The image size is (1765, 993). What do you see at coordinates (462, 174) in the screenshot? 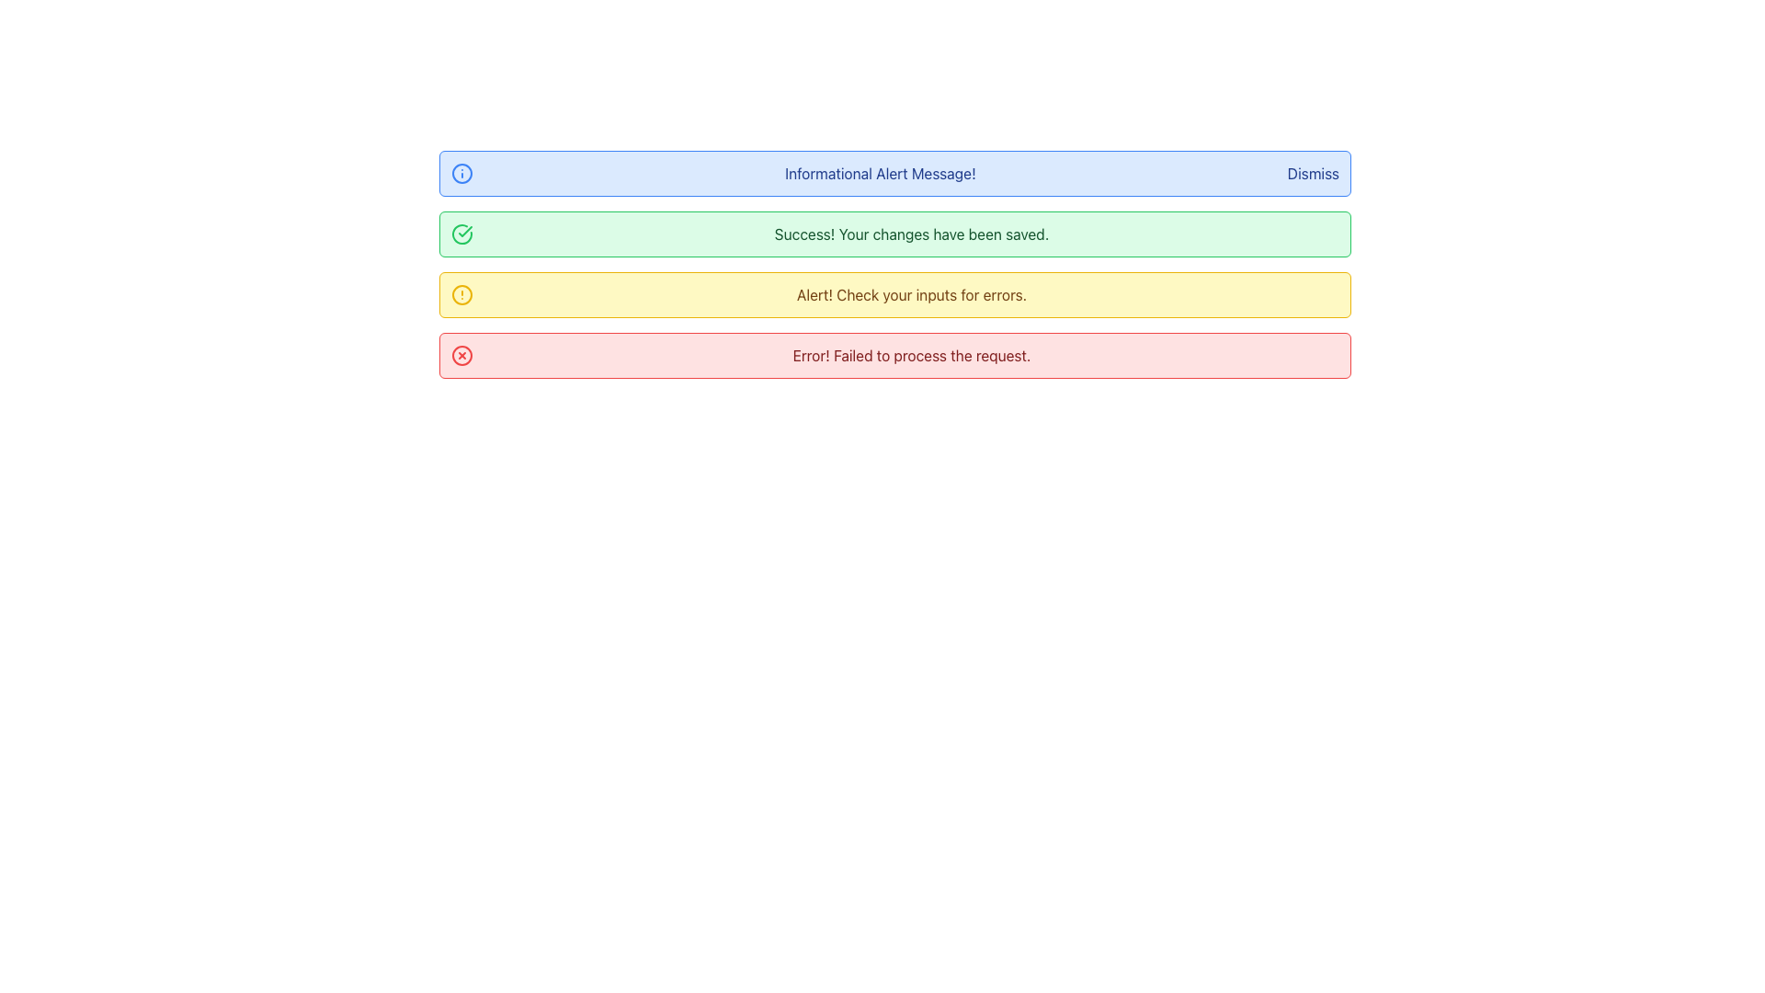
I see `the Decorative Circle, which is centrally located within the blue 'info' icon on the left side of the alert message banner` at bounding box center [462, 174].